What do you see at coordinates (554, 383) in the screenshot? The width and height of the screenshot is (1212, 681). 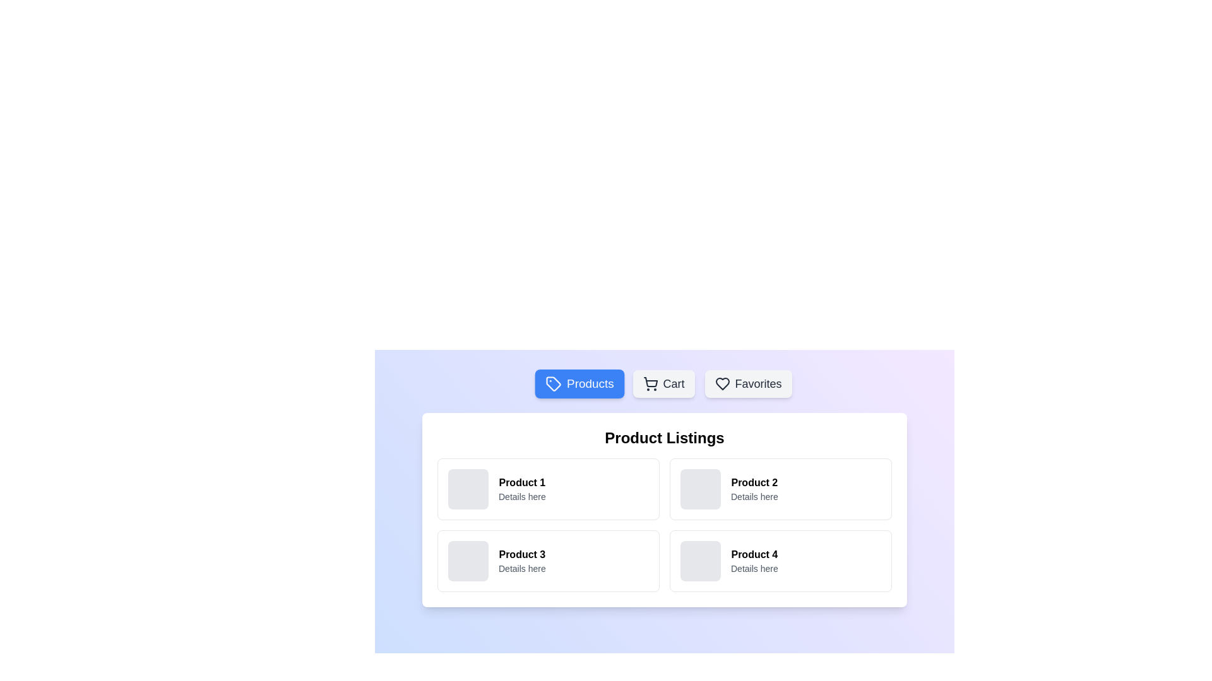 I see `the graphic icon resembling a tag design, which is part of the 'Products' navigation group` at bounding box center [554, 383].